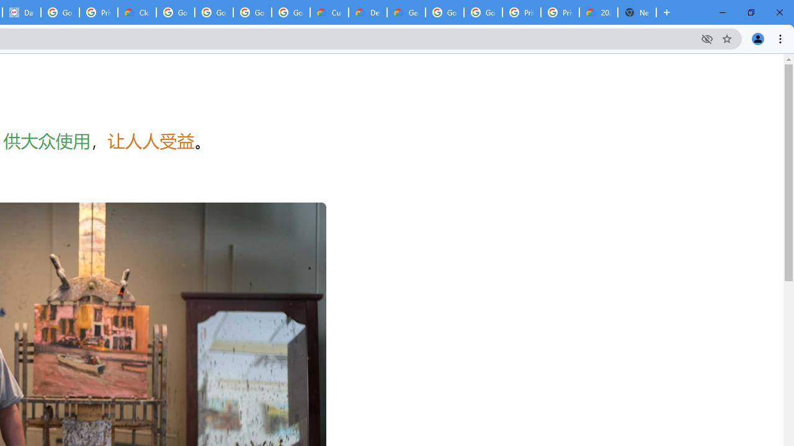 Image resolution: width=794 pixels, height=446 pixels. I want to click on 'New Tab', so click(637, 12).